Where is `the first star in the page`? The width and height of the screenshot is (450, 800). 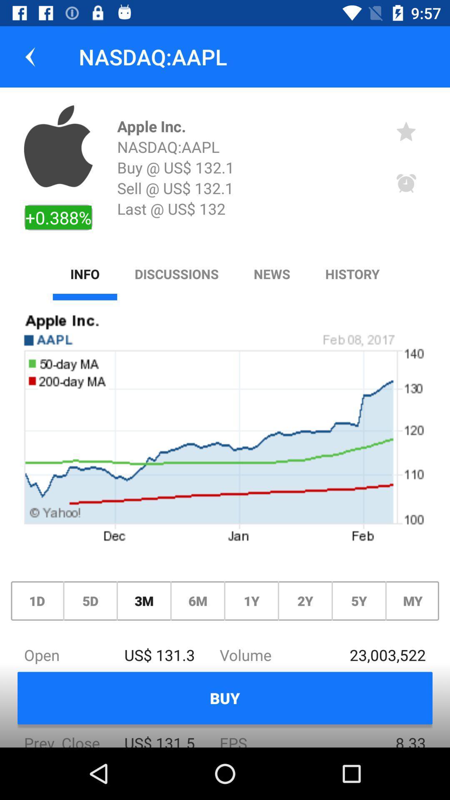
the first star in the page is located at coordinates (406, 131).